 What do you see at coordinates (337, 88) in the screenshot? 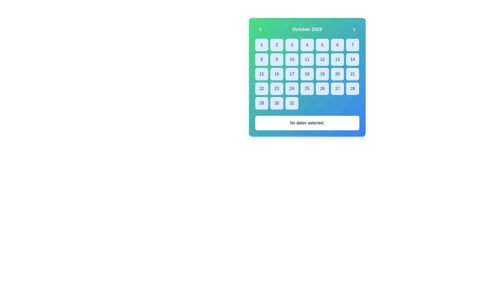
I see `the rounded rectangular button displaying the text '27' in blue, located in the sixth row and sixth column of the calendar grid interface` at bounding box center [337, 88].